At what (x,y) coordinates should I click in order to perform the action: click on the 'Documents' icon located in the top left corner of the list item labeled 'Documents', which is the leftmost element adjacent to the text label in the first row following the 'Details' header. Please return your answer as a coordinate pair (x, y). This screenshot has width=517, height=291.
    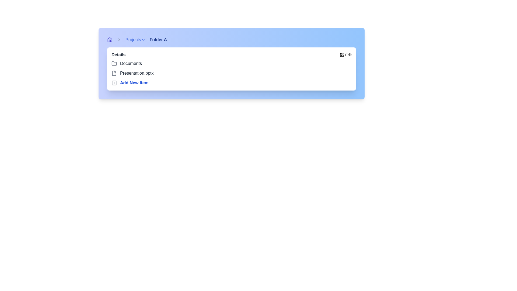
    Looking at the image, I should click on (114, 63).